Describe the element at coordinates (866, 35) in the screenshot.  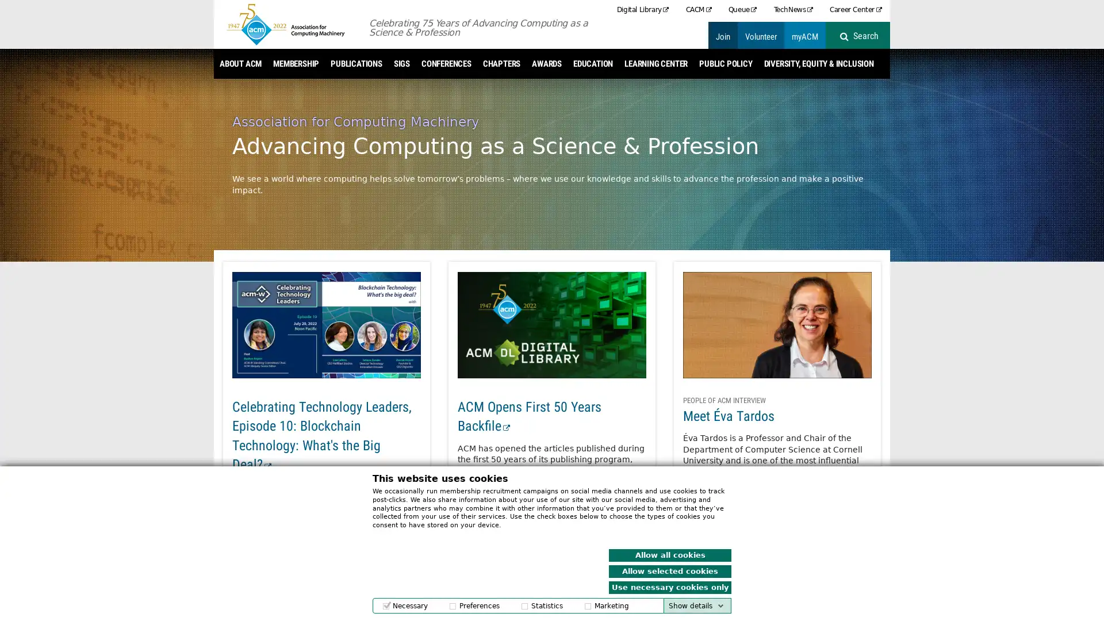
I see `Search Submit` at that location.